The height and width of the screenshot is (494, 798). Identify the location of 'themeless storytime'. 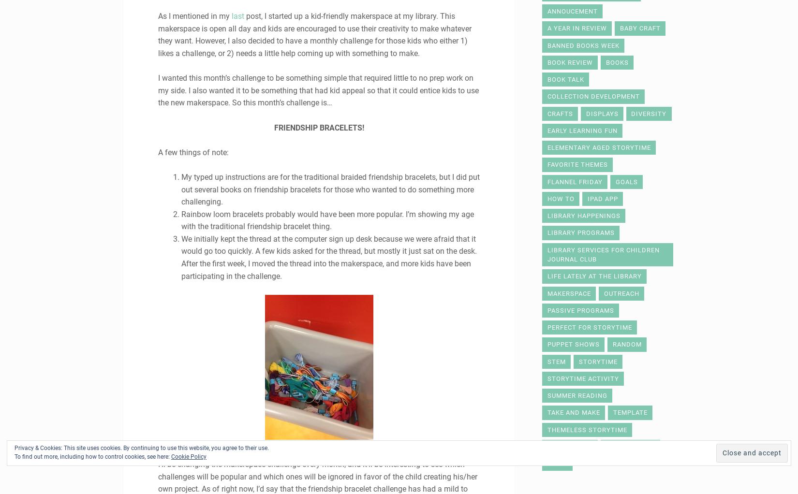
(547, 429).